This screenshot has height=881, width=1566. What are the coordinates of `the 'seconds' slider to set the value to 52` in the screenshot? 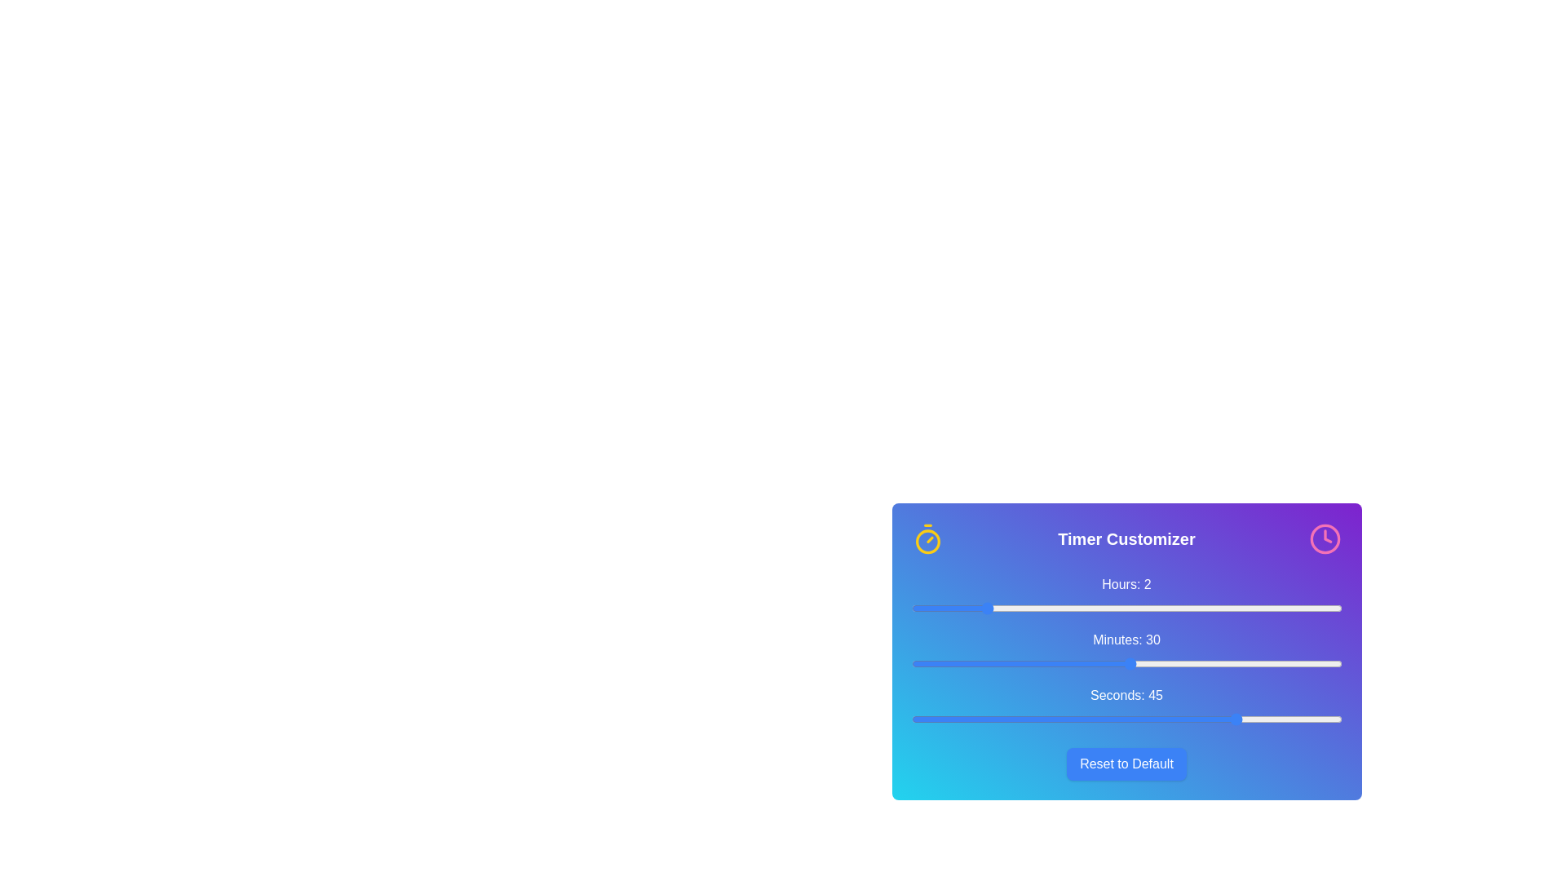 It's located at (1290, 719).